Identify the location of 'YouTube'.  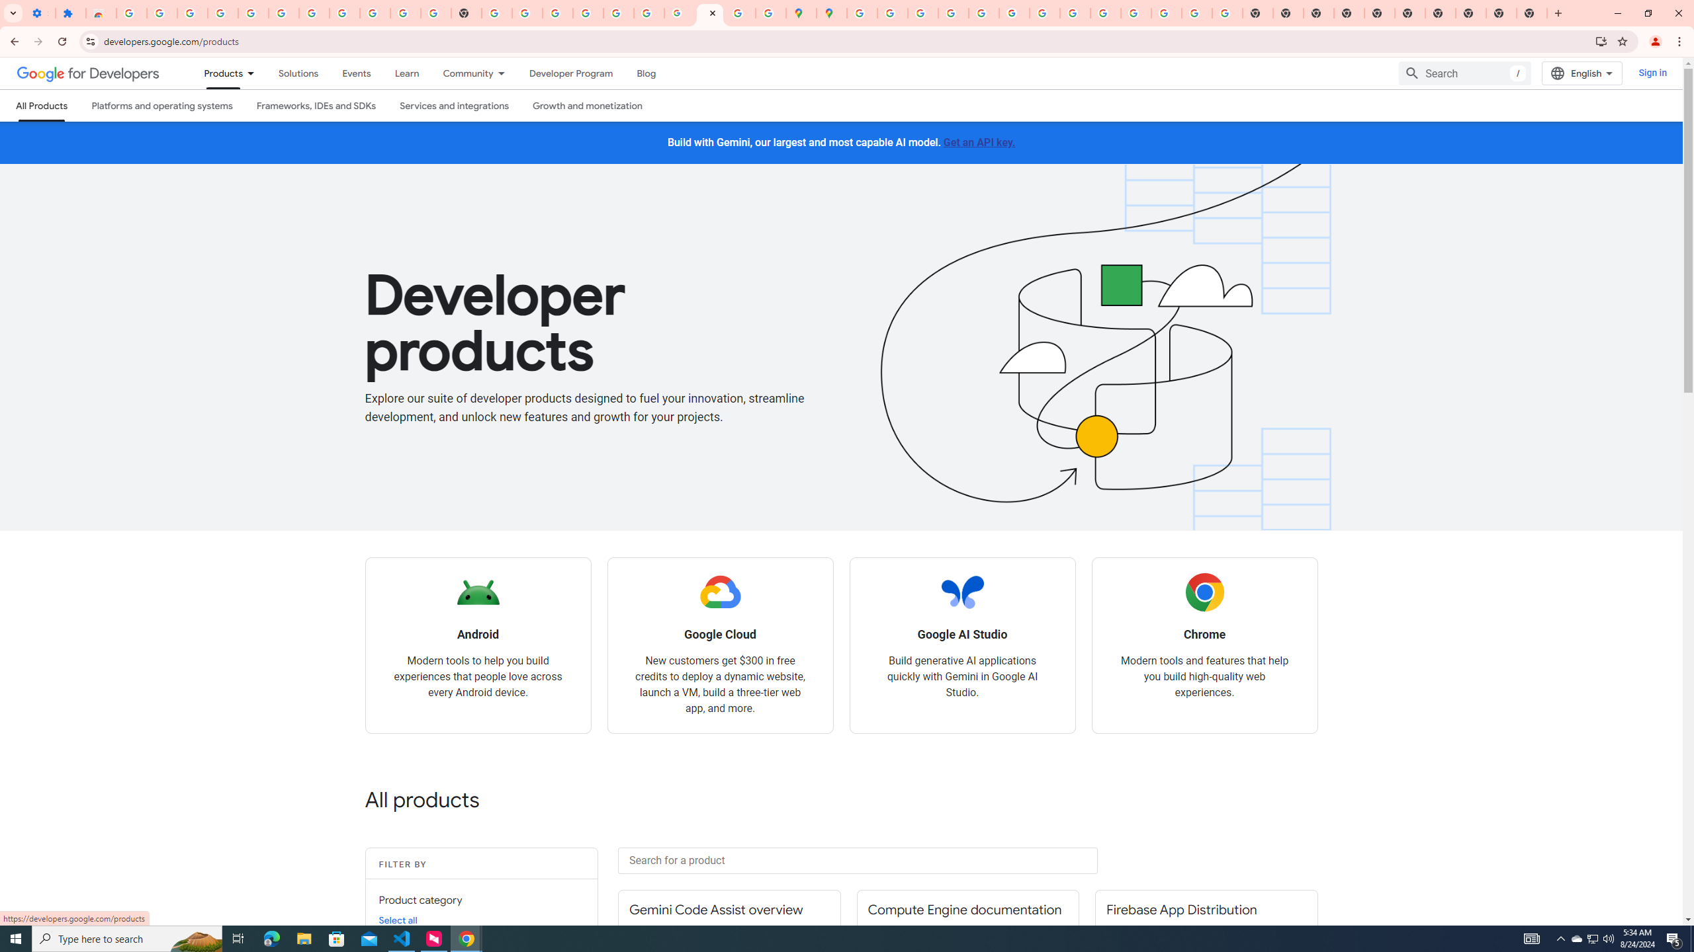
(1044, 13).